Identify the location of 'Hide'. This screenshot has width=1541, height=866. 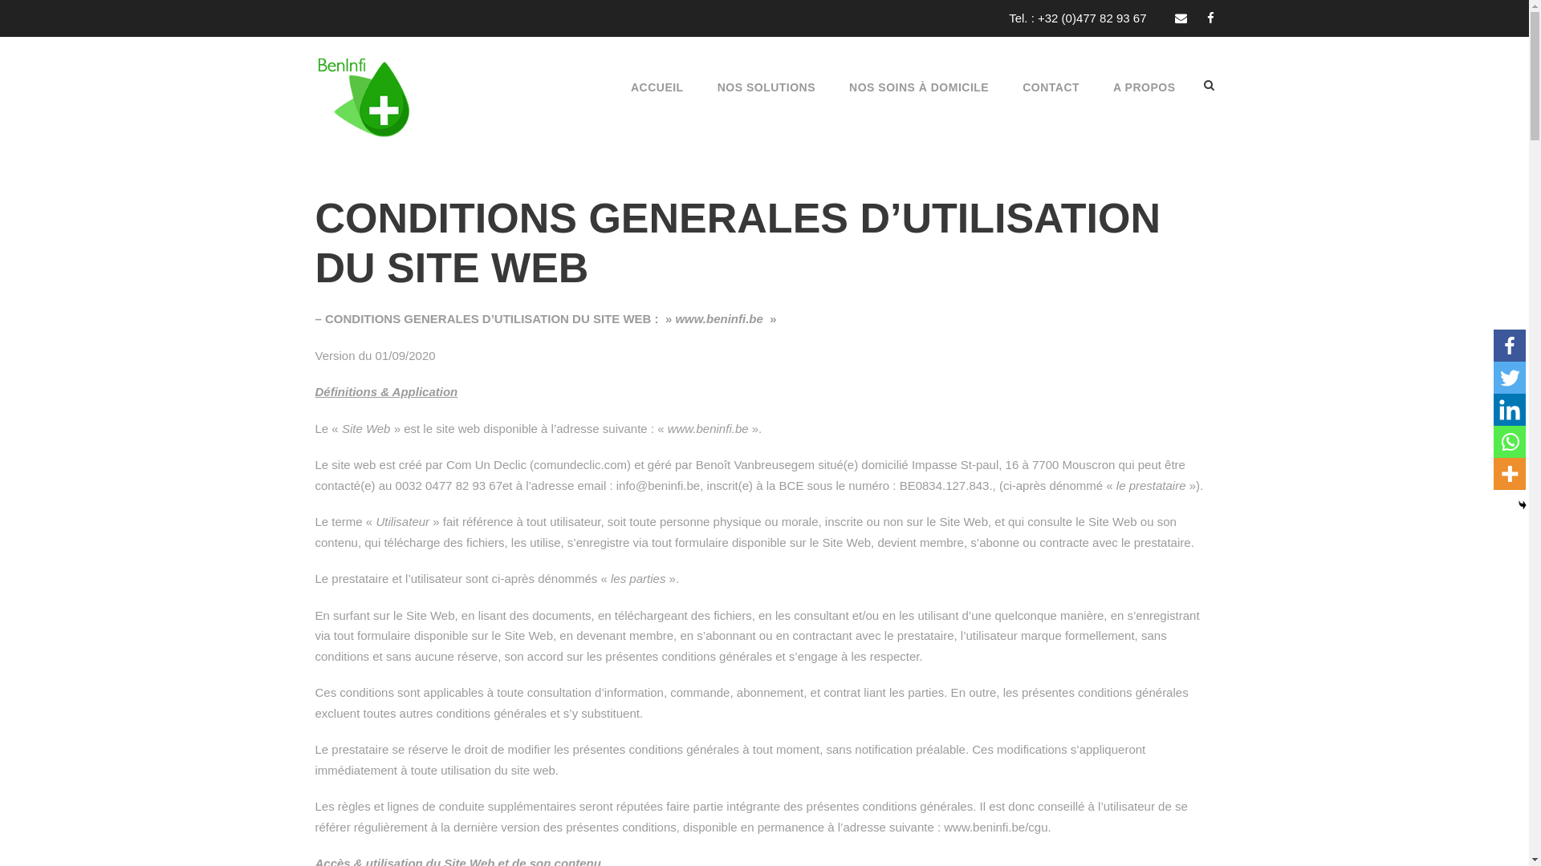
(1521, 504).